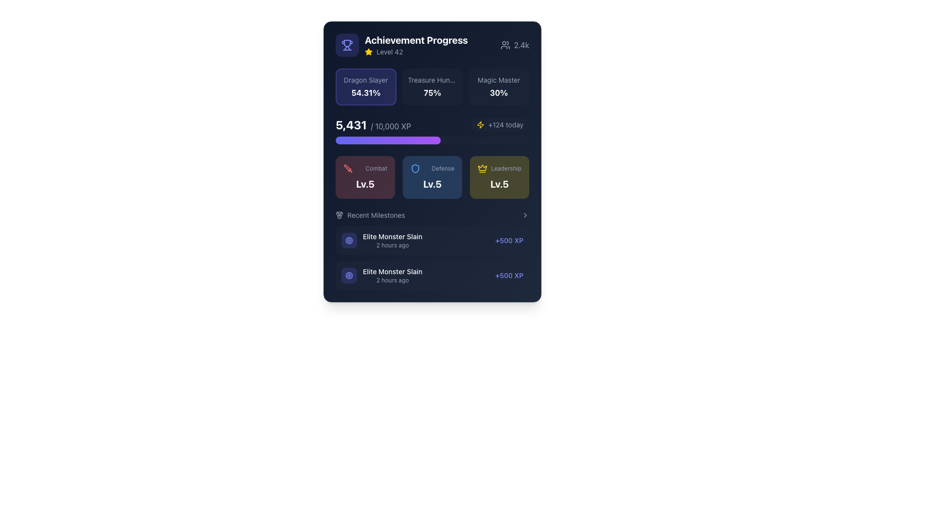  I want to click on text content of the Text Label displaying '2 hours ago', which is styled in a small, muted gray typeface and positioned below 'Elite Monster Slain', so click(393, 280).